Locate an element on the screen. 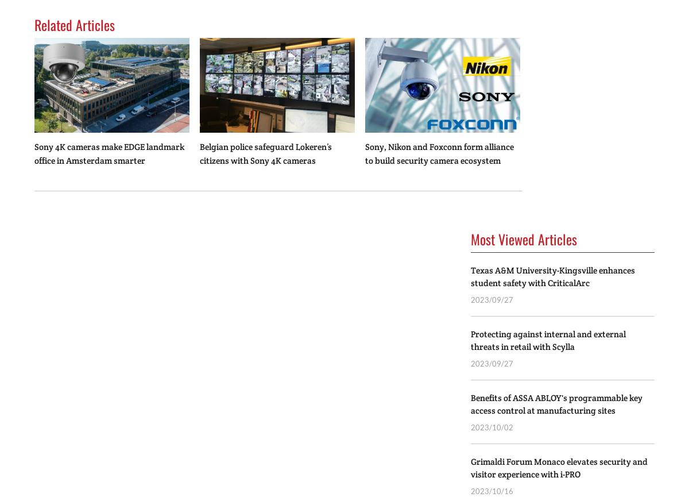 Image resolution: width=689 pixels, height=501 pixels. 'Most Viewed Articles' is located at coordinates (524, 239).